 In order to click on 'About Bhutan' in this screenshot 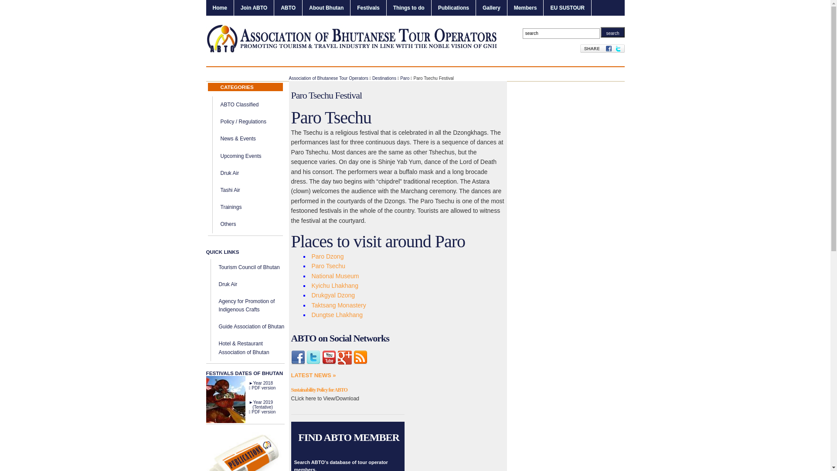, I will do `click(326, 8)`.